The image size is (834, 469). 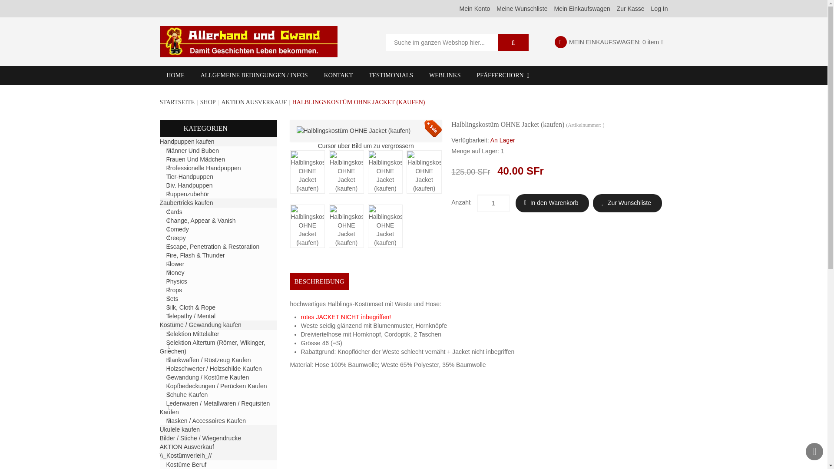 What do you see at coordinates (200, 438) in the screenshot?
I see `'Bilder / Stiche / Wiegendrucke'` at bounding box center [200, 438].